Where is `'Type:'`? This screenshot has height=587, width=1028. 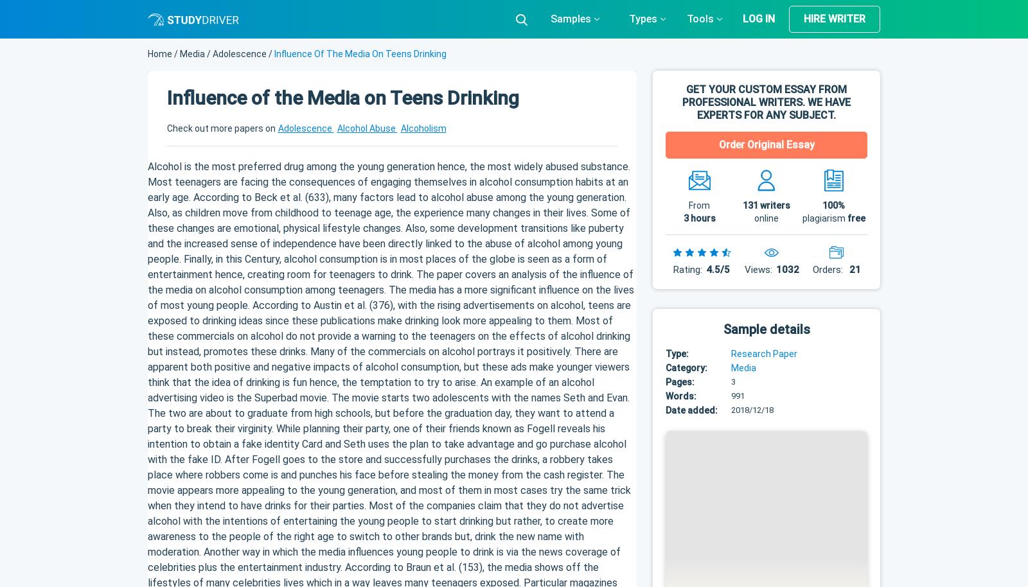 'Type:' is located at coordinates (677, 353).